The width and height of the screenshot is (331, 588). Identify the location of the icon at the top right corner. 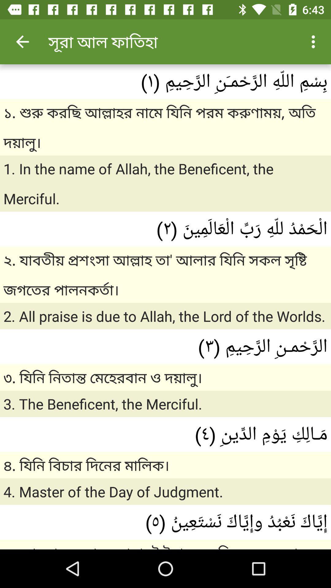
(315, 41).